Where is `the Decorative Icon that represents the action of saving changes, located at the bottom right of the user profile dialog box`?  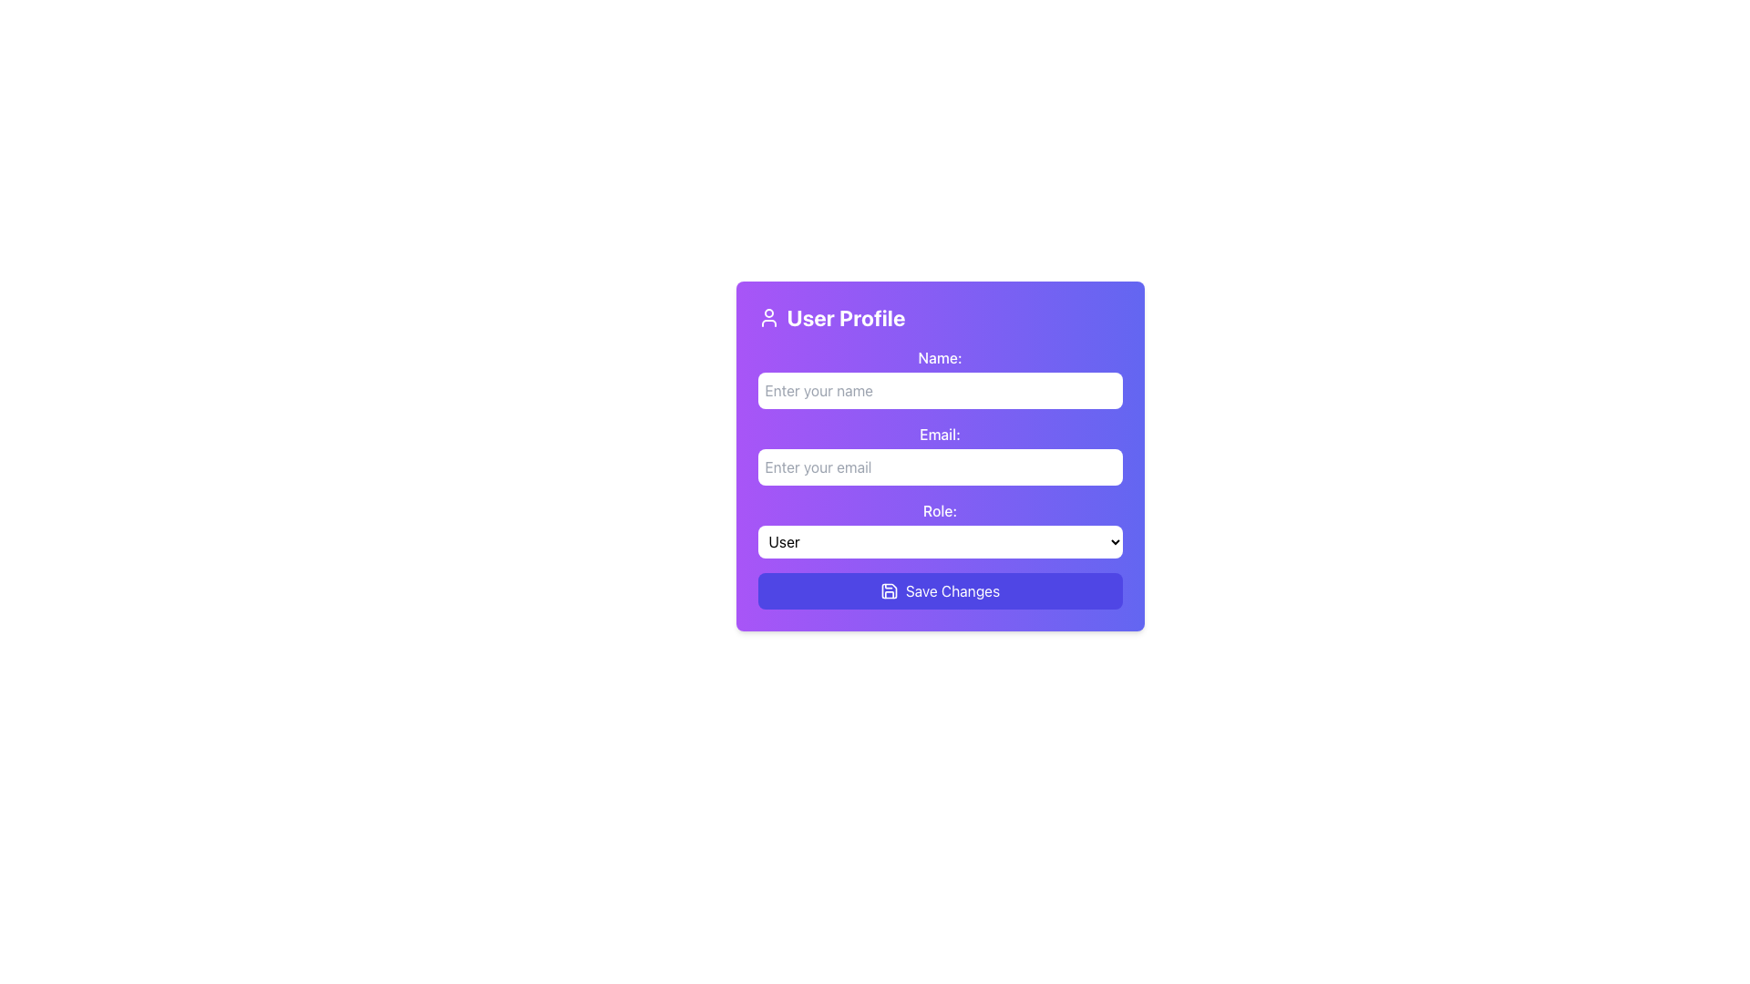 the Decorative Icon that represents the action of saving changes, located at the bottom right of the user profile dialog box is located at coordinates (889, 590).